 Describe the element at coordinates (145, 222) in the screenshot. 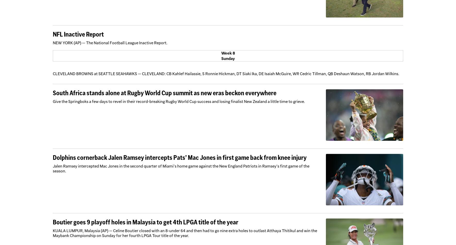

I see `'Boutier goes 9 playoff holes in Malaysia to get 4th LPGA title of the year'` at that location.